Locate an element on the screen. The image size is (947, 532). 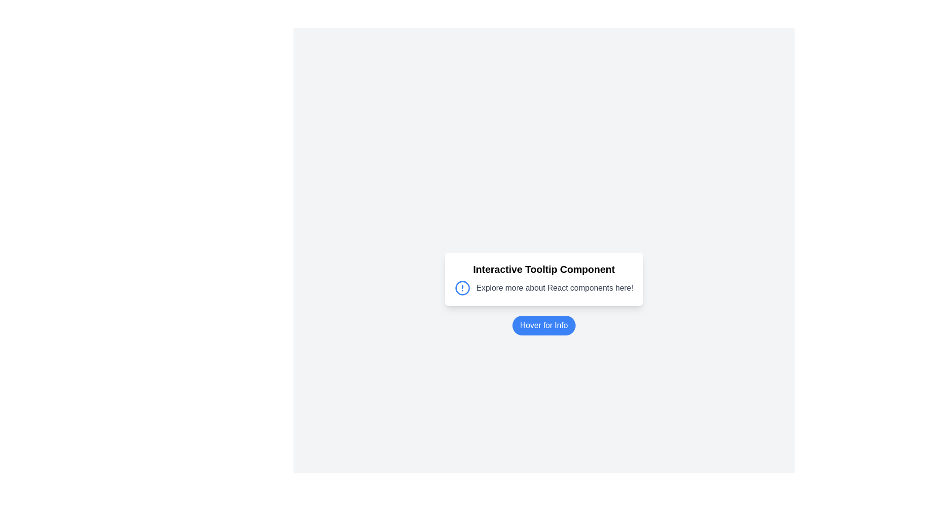
the text block with an accompanying icon located below the heading 'Interactive Tooltip Component' is located at coordinates (544, 288).